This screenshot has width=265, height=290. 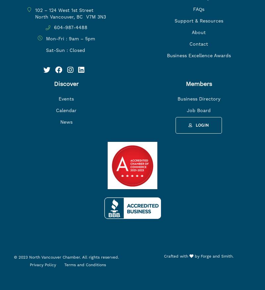 I want to click on 'About', so click(x=199, y=32).